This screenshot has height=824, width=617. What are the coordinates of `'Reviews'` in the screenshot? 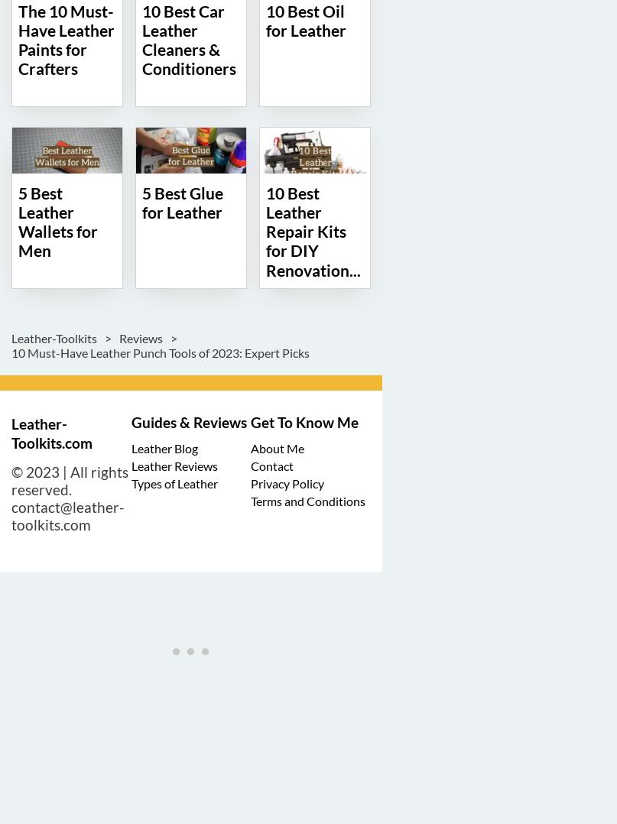 It's located at (142, 337).